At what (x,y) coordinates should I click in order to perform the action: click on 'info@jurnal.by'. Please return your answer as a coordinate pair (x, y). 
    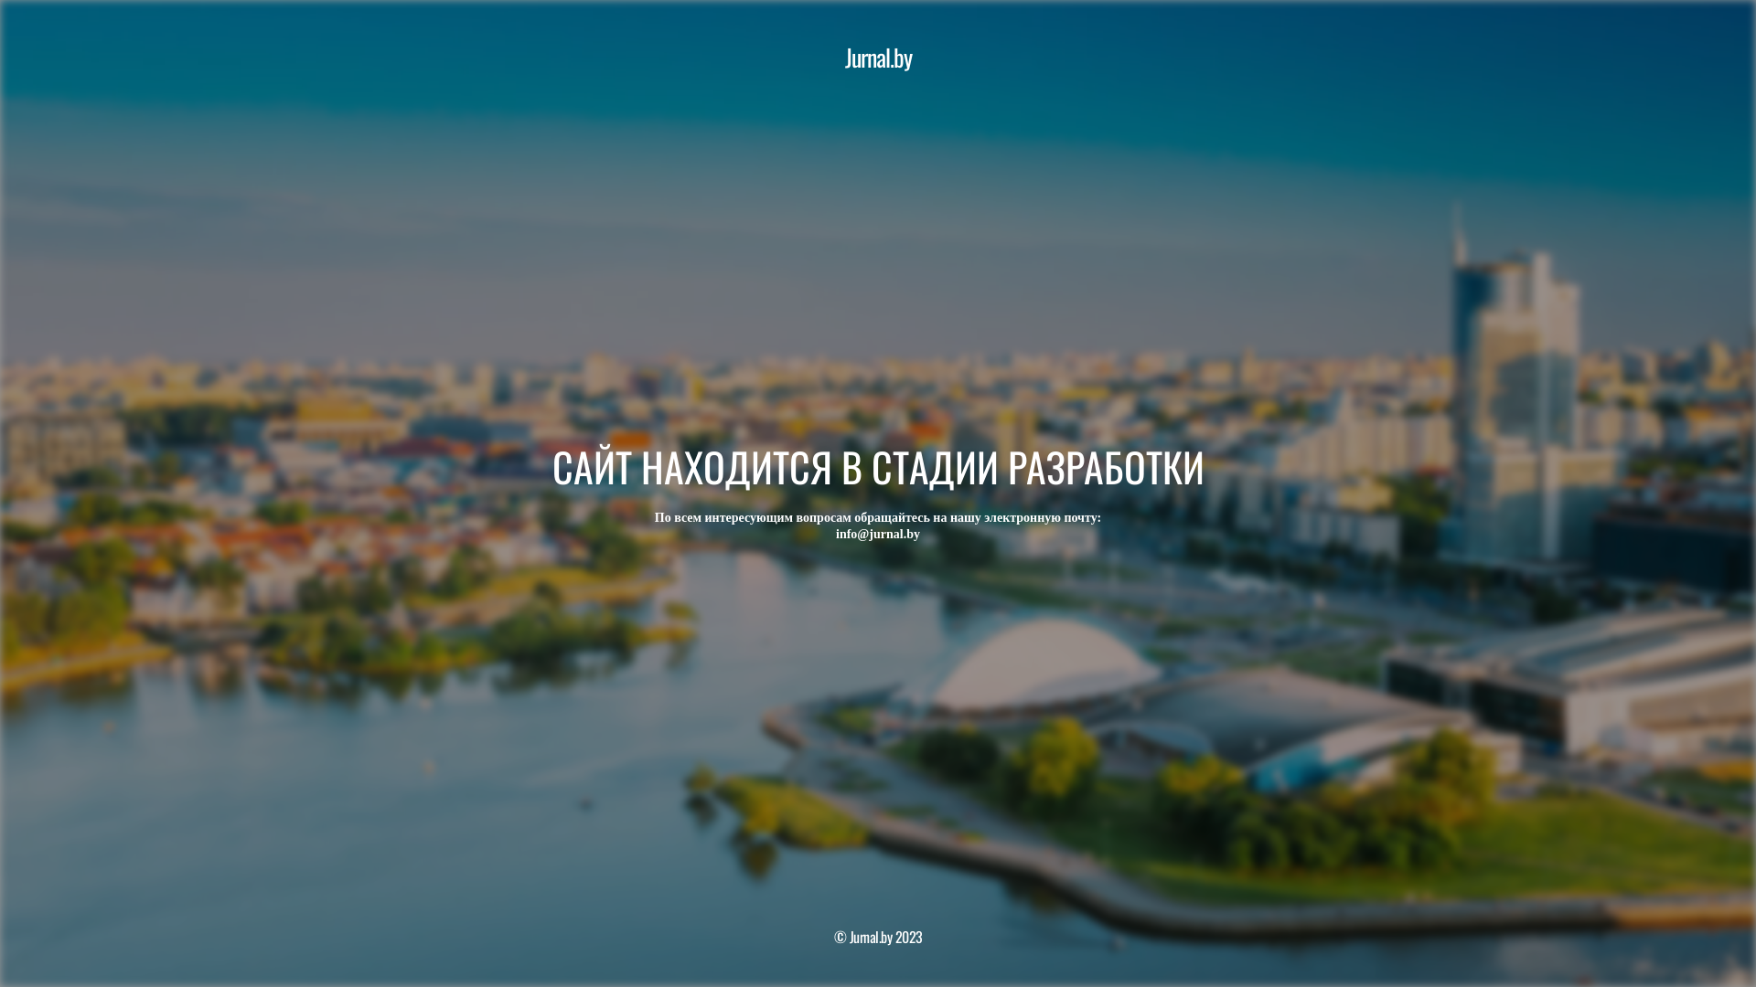
    Looking at the image, I should click on (878, 534).